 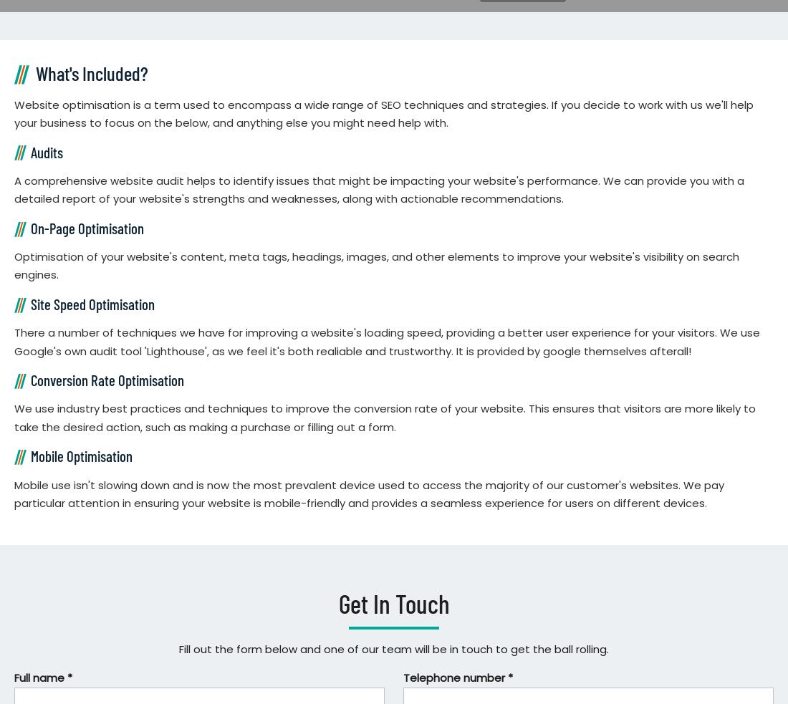 I want to click on 'Mobile use isn't slowing down and is now the most prevalent device used to access the majority of our customer's websites. We pay particular attention in ensuring your website is mobile-friendly and provides a seamless experience for users on different devices.', so click(x=369, y=493).